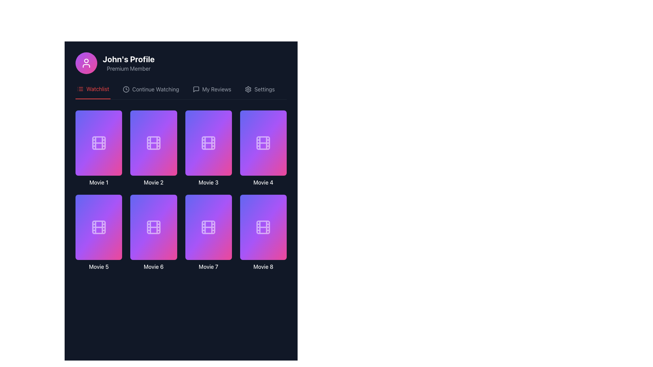 The height and width of the screenshot is (367, 653). I want to click on the film reel icon in the card labeled 'Movie 7', so click(208, 232).